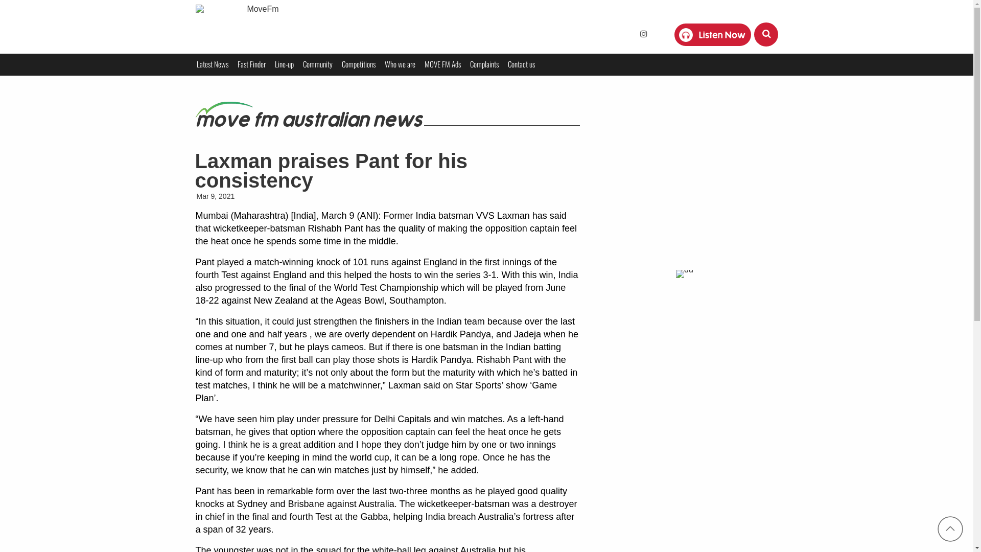 This screenshot has width=981, height=552. I want to click on 'MOVE FM Ads', so click(419, 64).